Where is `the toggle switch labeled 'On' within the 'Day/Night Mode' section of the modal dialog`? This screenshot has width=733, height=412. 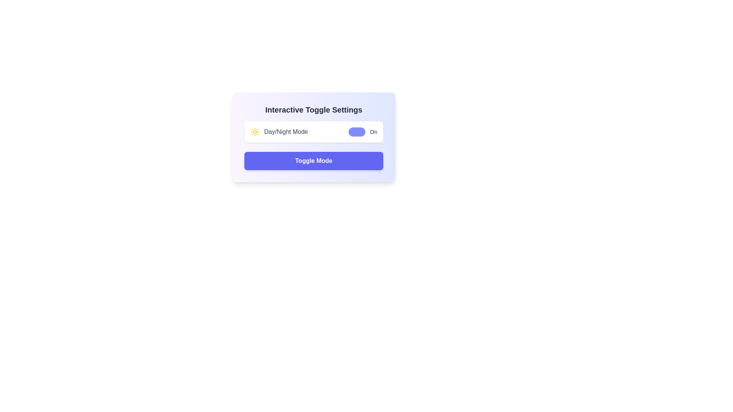
the toggle switch labeled 'On' within the 'Day/Night Mode' section of the modal dialog is located at coordinates (362, 132).